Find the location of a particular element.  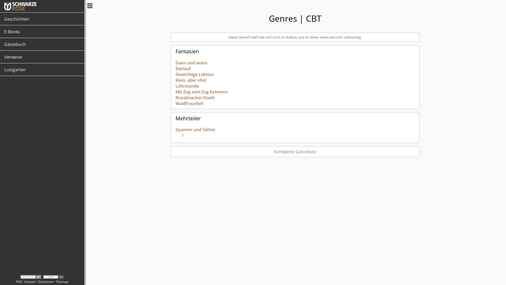

'Waidfrausheil' is located at coordinates (189, 103).